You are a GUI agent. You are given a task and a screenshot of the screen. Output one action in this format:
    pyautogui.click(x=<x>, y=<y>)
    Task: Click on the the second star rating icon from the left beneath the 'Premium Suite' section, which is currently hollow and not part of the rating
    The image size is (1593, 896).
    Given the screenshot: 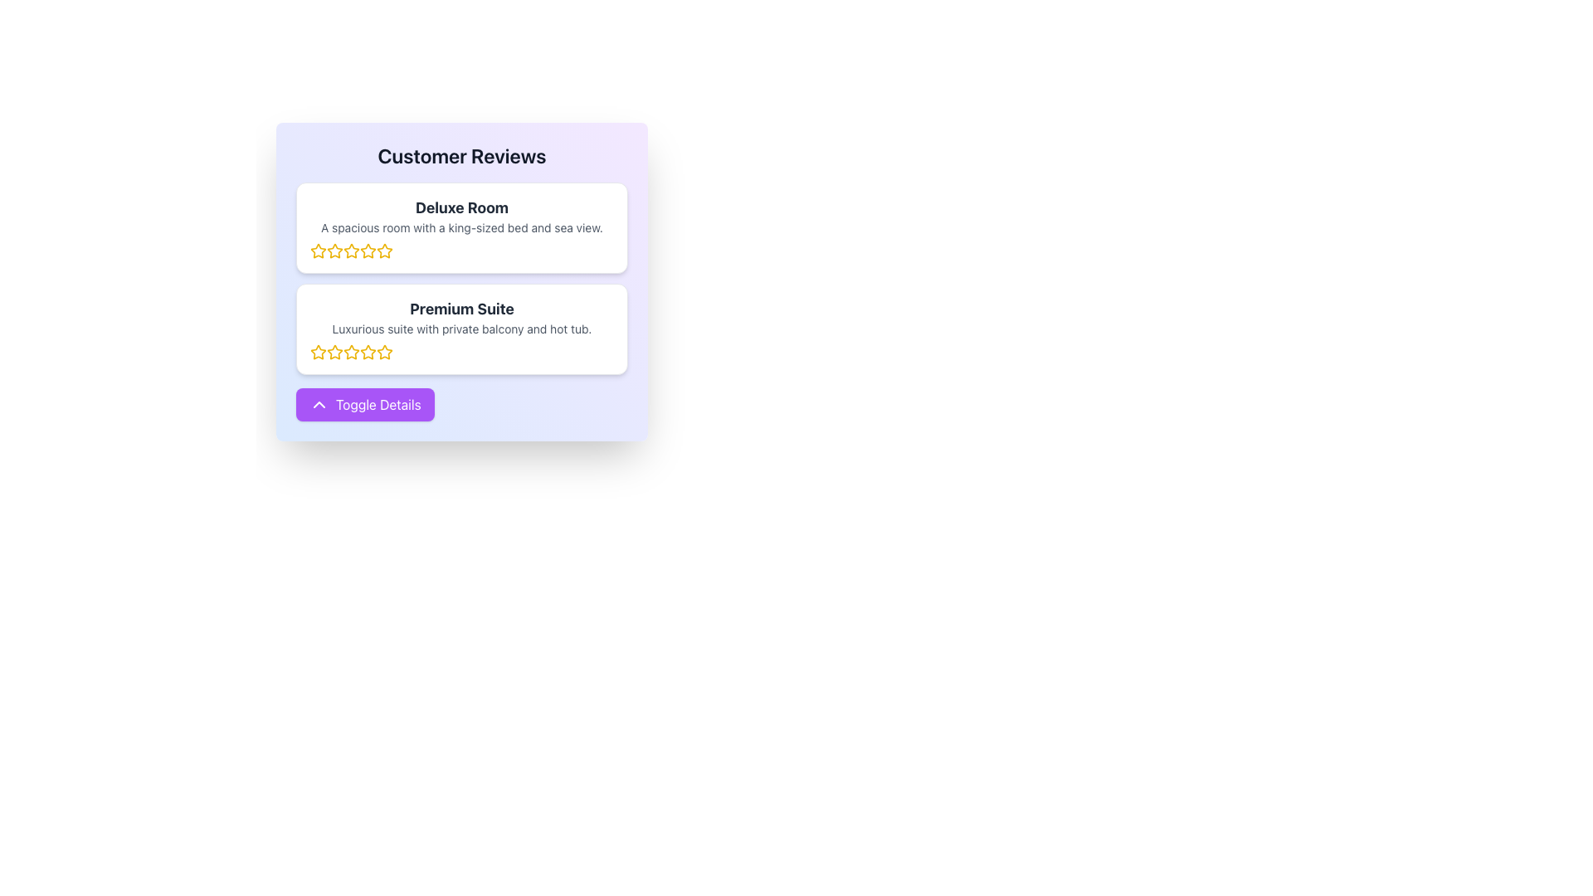 What is the action you would take?
    pyautogui.click(x=334, y=351)
    